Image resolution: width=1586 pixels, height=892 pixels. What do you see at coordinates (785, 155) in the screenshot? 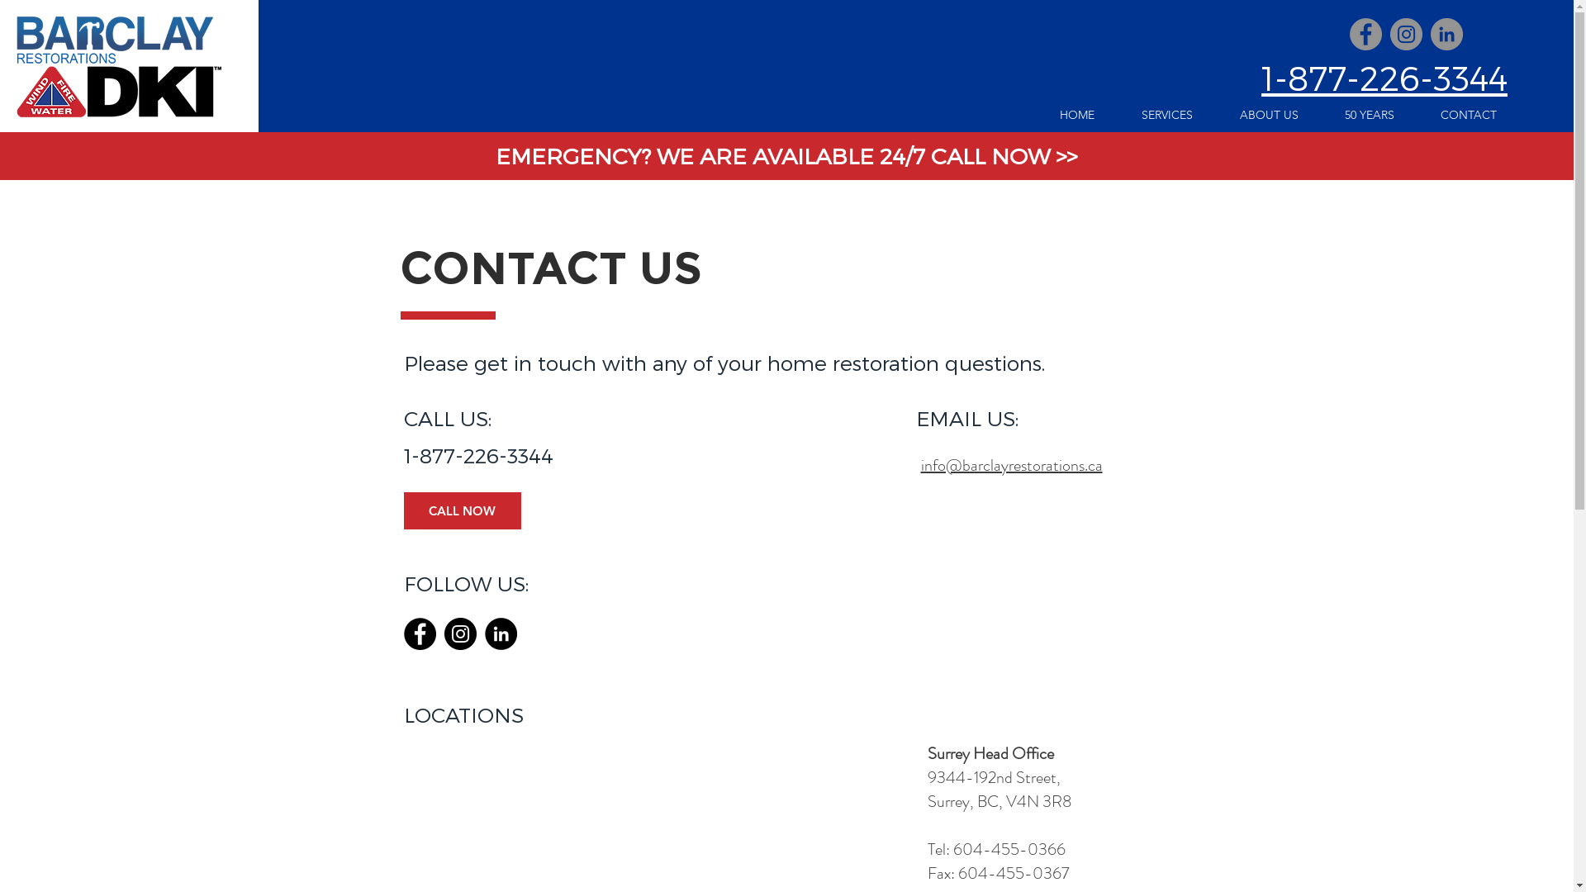
I see `'EMERGENCY? WE ARE AVAILABLE 24/7 CALL NOW >>'` at bounding box center [785, 155].